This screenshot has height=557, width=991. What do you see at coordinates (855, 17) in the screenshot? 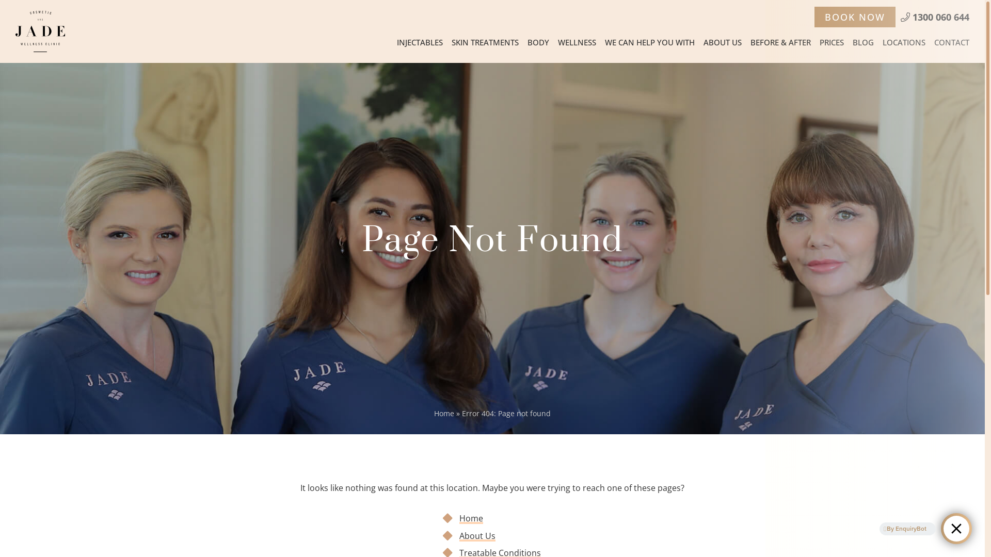
I see `'BOOK NOW'` at bounding box center [855, 17].